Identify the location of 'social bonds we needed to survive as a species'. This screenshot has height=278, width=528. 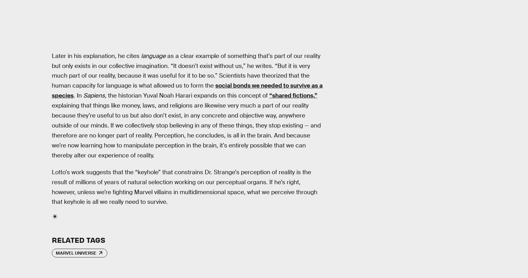
(187, 90).